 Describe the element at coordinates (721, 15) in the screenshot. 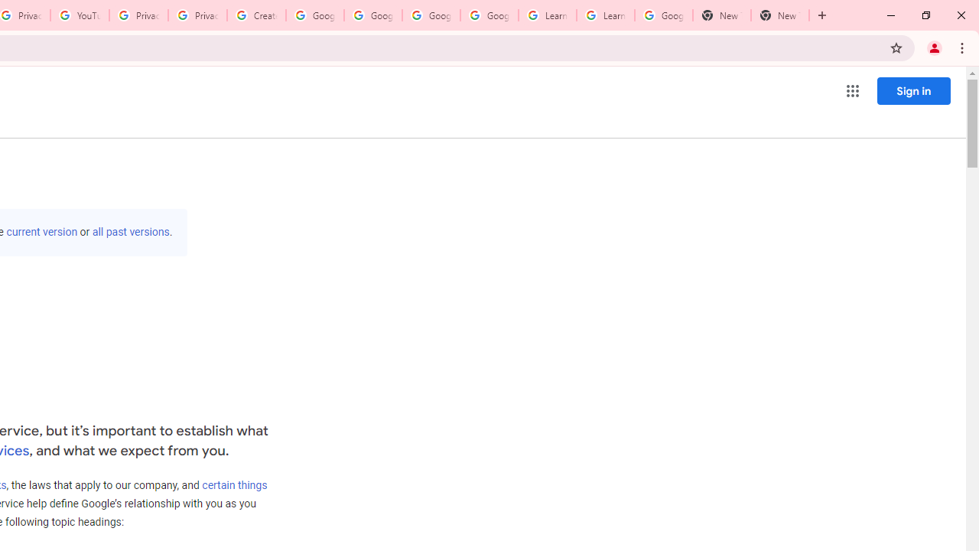

I see `'New Tab'` at that location.